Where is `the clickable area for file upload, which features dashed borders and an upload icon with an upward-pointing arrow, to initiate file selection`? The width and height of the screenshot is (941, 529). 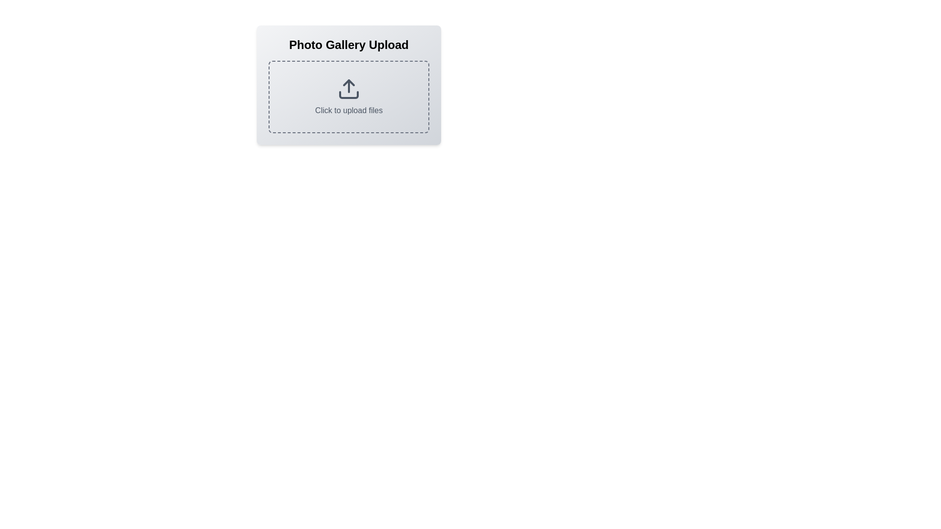
the clickable area for file upload, which features dashed borders and an upload icon with an upward-pointing arrow, to initiate file selection is located at coordinates (348, 96).